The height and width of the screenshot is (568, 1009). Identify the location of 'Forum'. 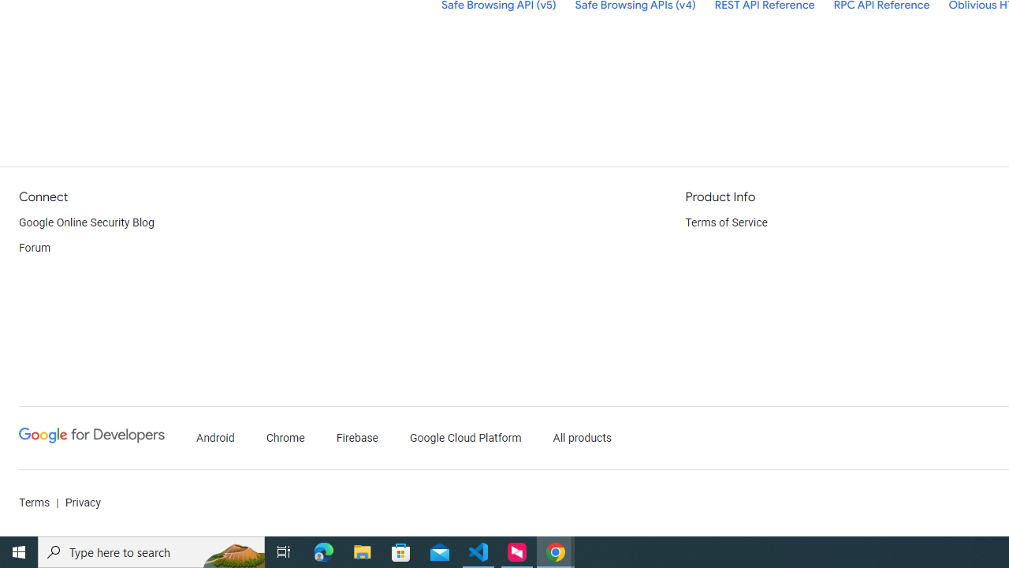
(35, 248).